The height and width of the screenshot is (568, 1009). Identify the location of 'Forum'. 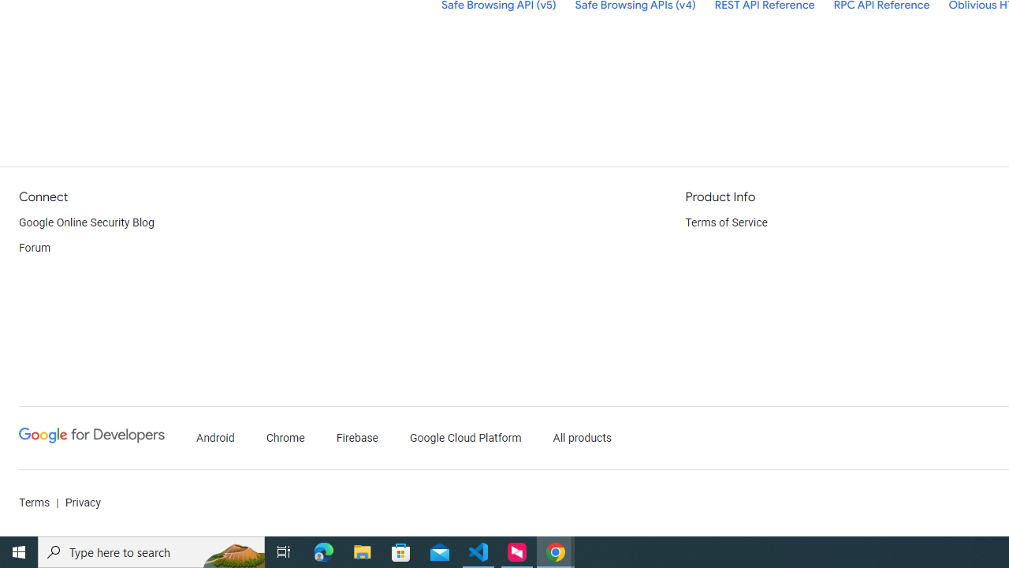
(35, 248).